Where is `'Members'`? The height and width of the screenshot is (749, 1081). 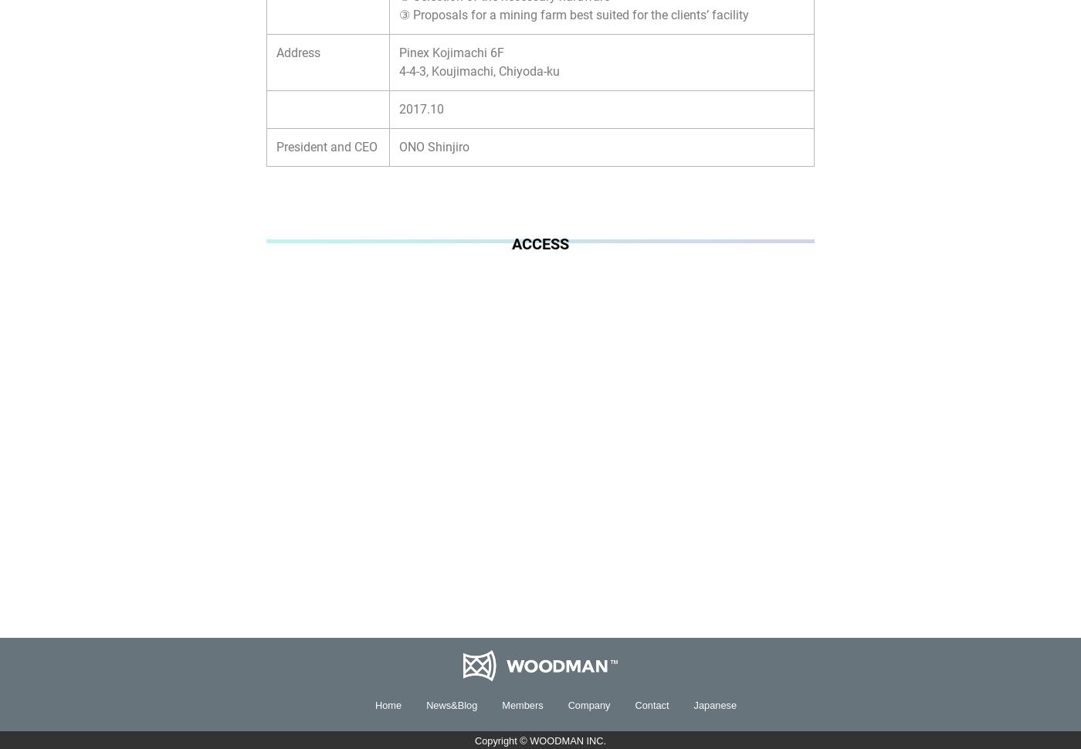 'Members' is located at coordinates (502, 704).